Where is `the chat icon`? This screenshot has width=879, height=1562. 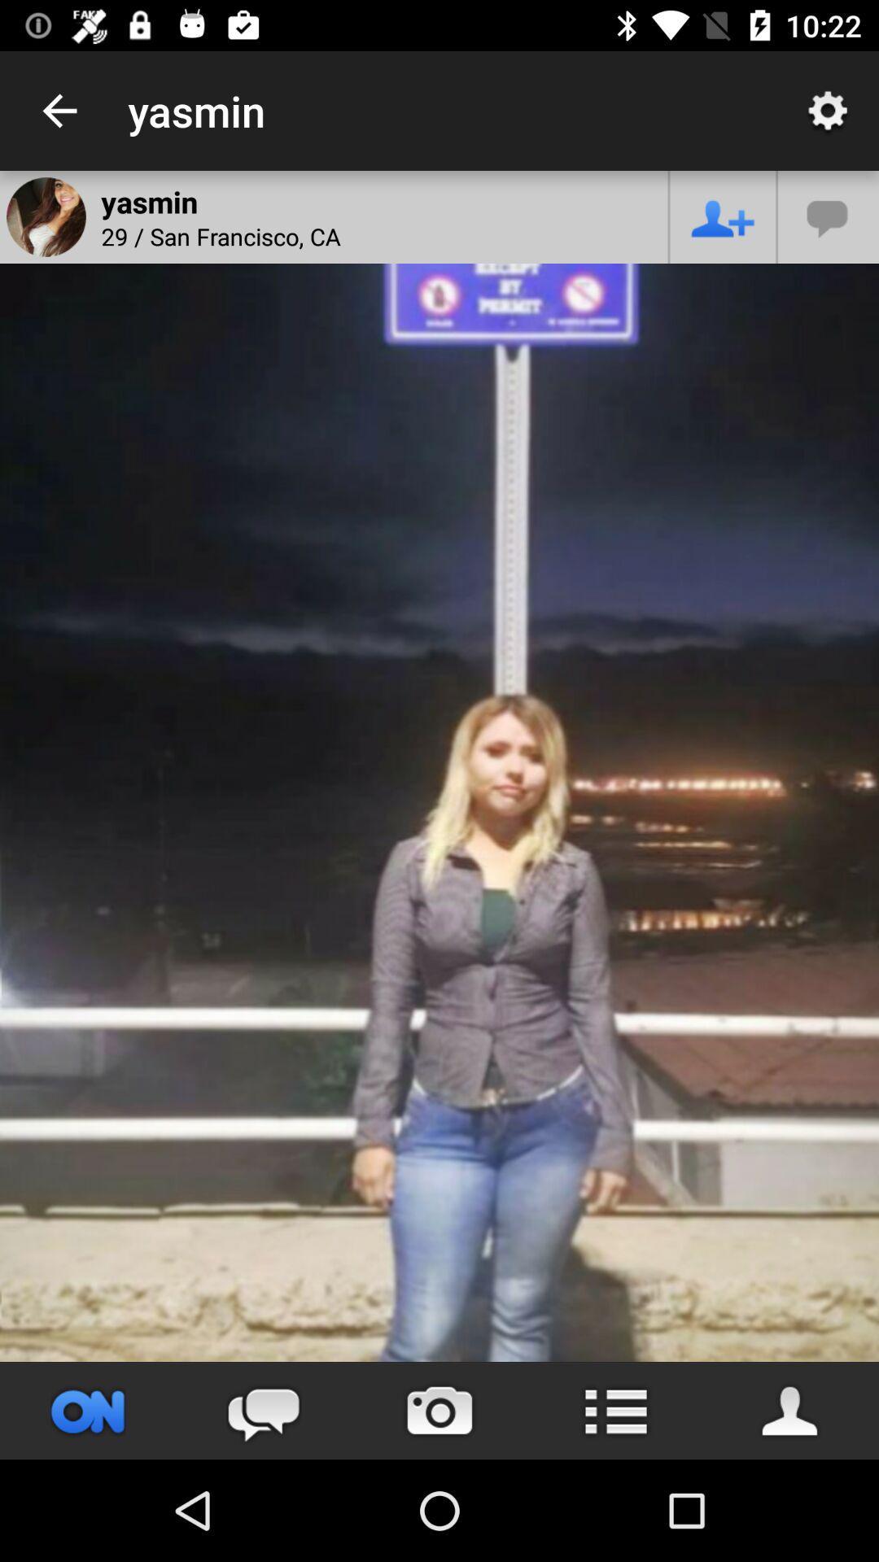 the chat icon is located at coordinates (263, 1410).